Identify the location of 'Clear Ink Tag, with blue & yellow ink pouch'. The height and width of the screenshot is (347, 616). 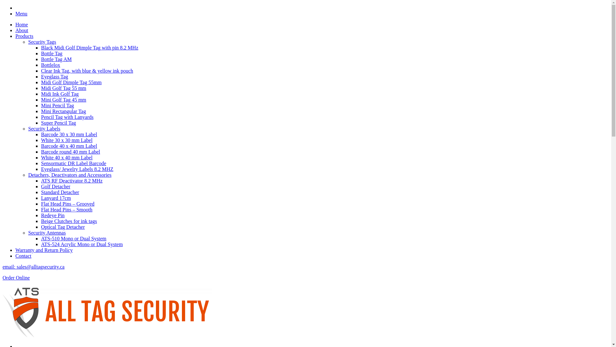
(87, 71).